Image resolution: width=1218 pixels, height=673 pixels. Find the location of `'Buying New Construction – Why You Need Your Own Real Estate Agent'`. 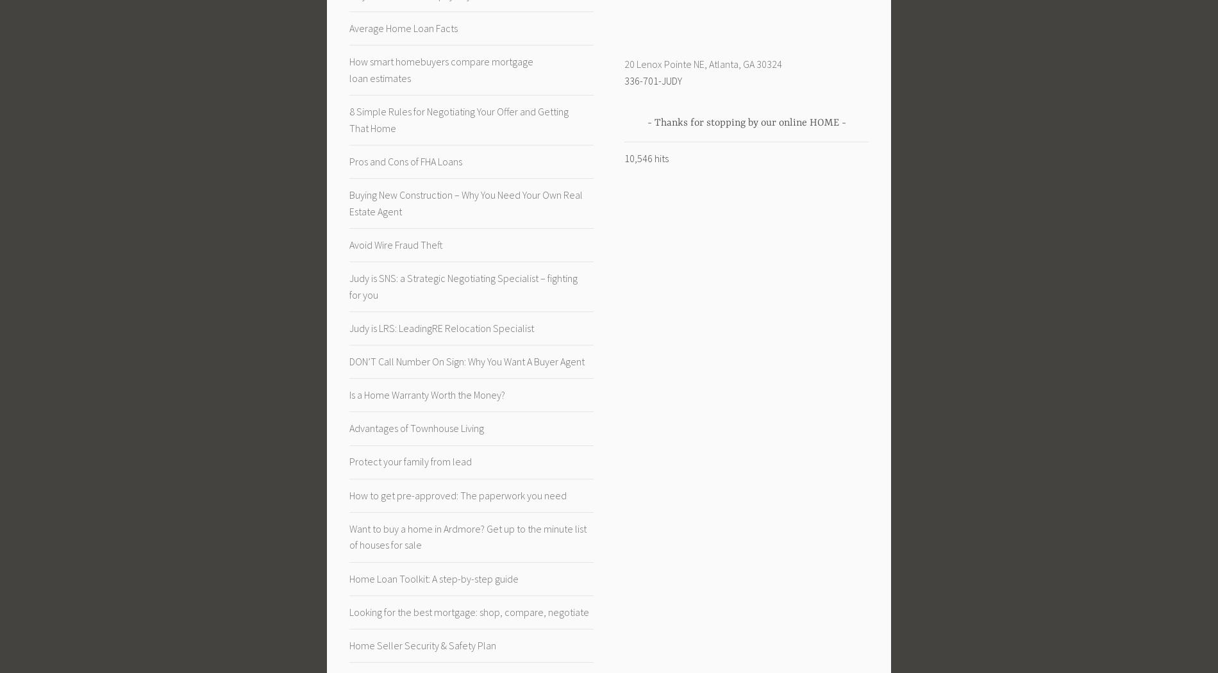

'Buying New Construction – Why You Need Your Own Real Estate Agent' is located at coordinates (465, 203).